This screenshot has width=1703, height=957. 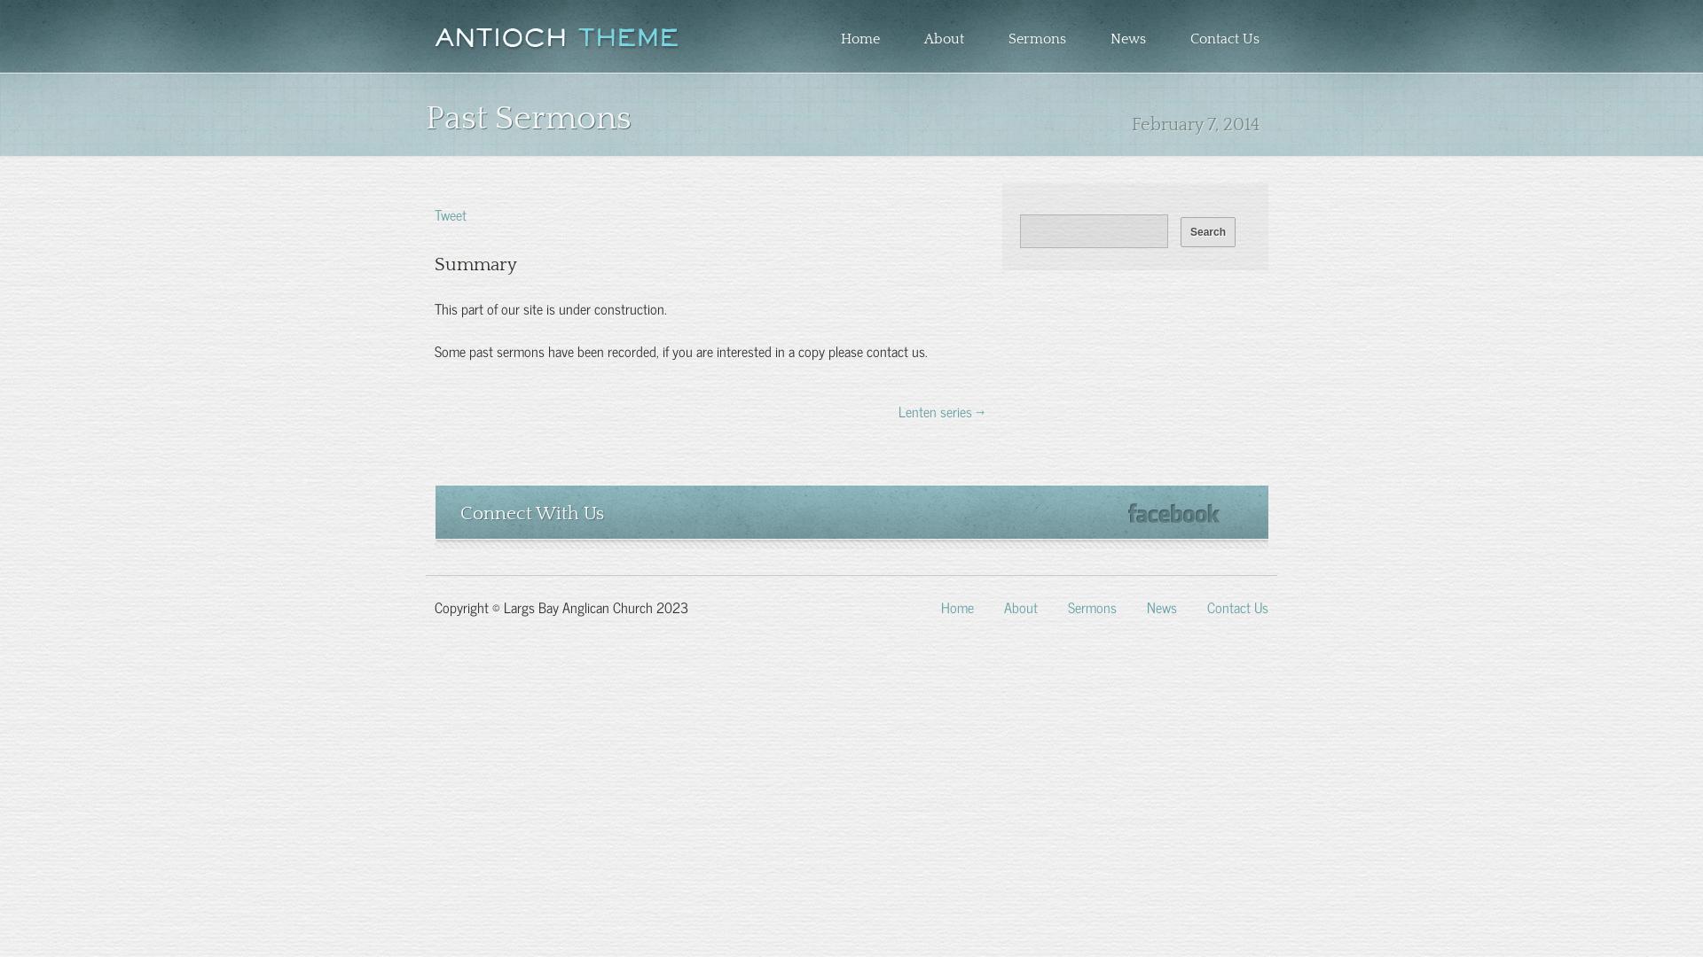 What do you see at coordinates (1207, 231) in the screenshot?
I see `'Search'` at bounding box center [1207, 231].